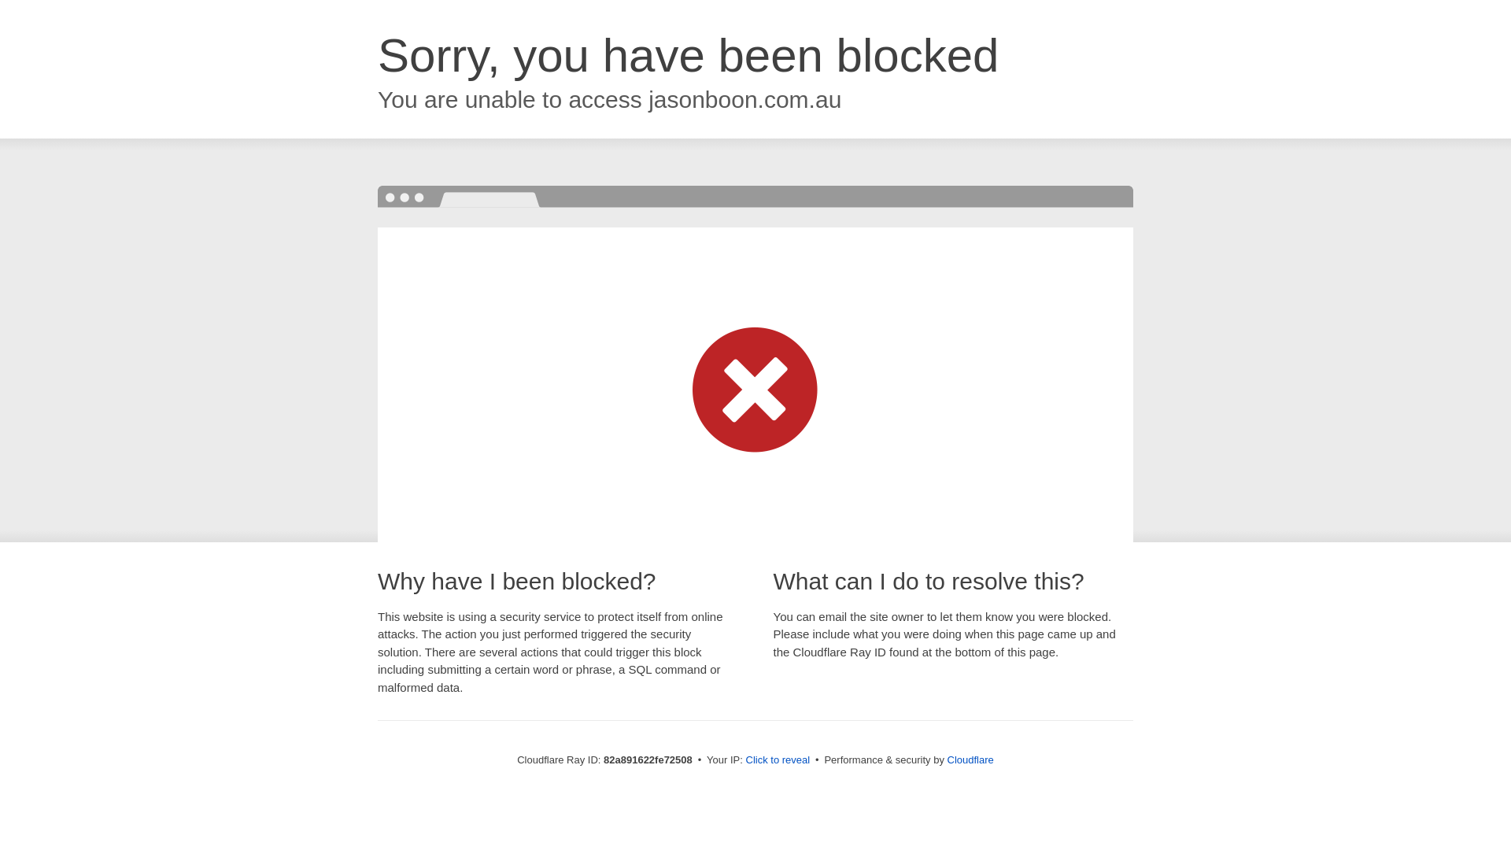 Image resolution: width=1511 pixels, height=850 pixels. Describe the element at coordinates (778, 759) in the screenshot. I see `'Click to reveal'` at that location.